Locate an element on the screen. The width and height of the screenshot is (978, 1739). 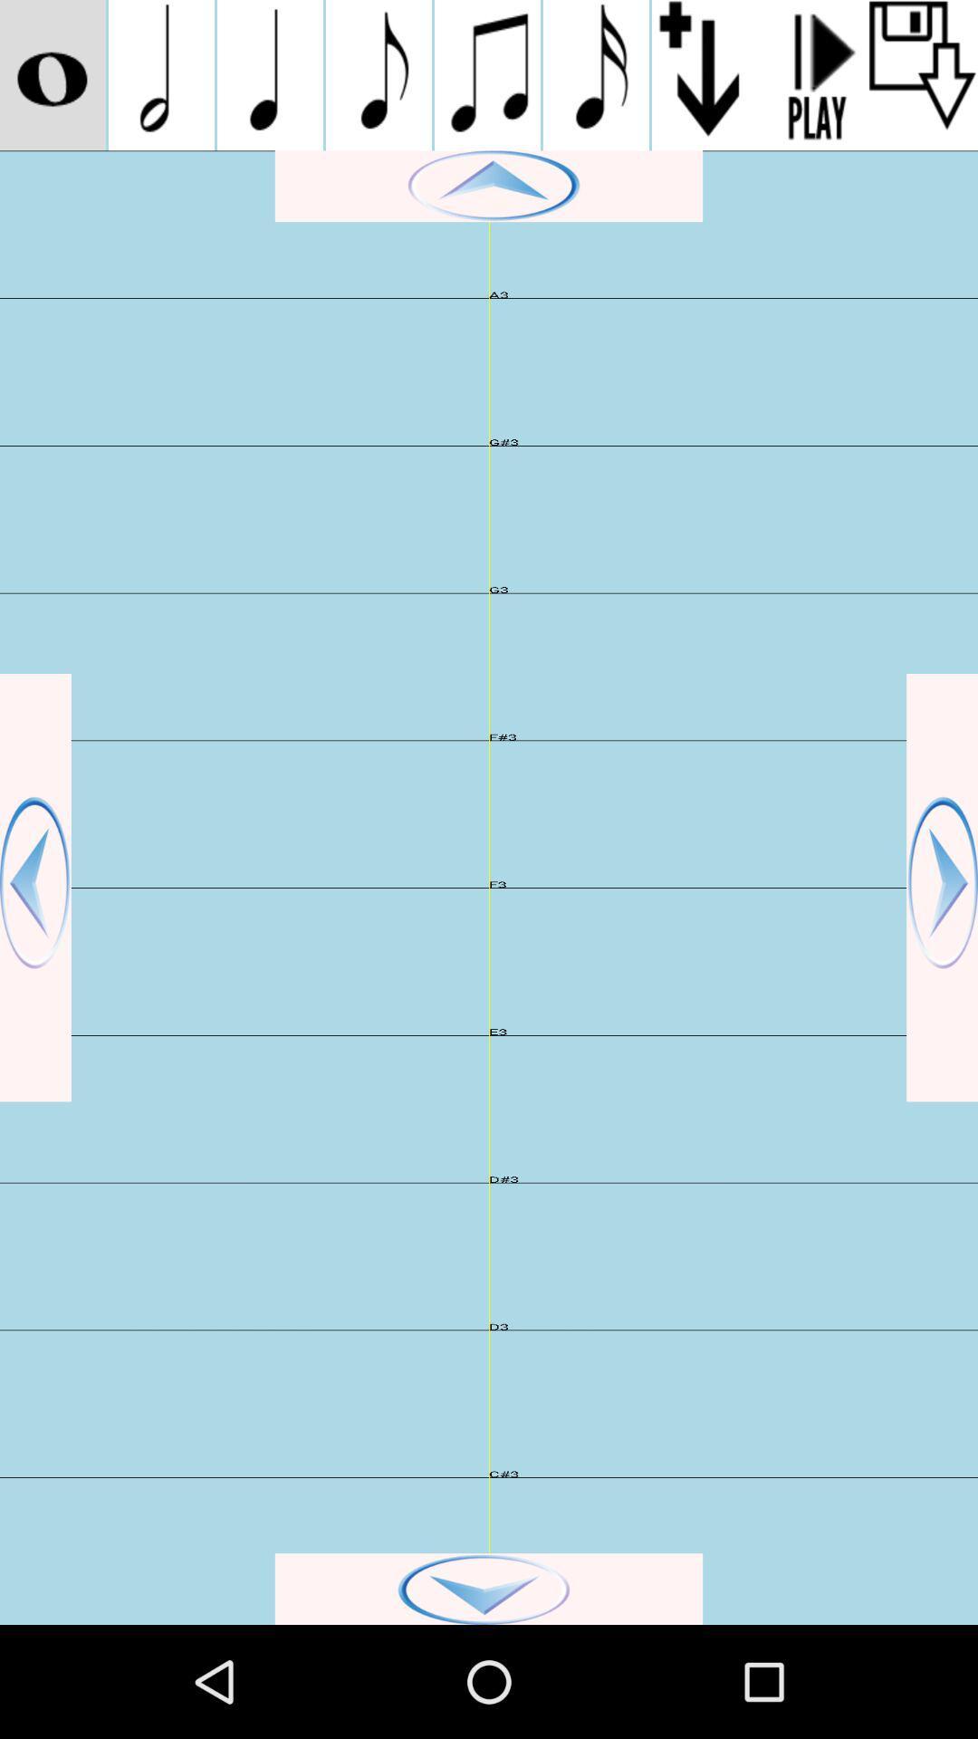
music is located at coordinates (270, 74).